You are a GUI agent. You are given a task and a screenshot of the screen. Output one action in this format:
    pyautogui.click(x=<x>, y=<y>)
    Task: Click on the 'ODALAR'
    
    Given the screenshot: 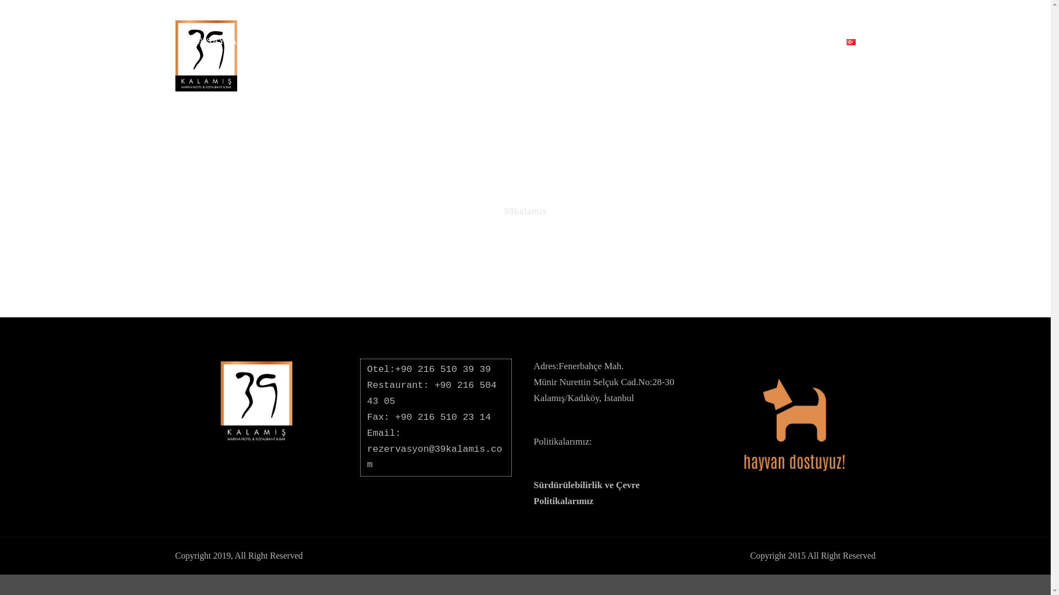 What is the action you would take?
    pyautogui.click(x=280, y=47)
    